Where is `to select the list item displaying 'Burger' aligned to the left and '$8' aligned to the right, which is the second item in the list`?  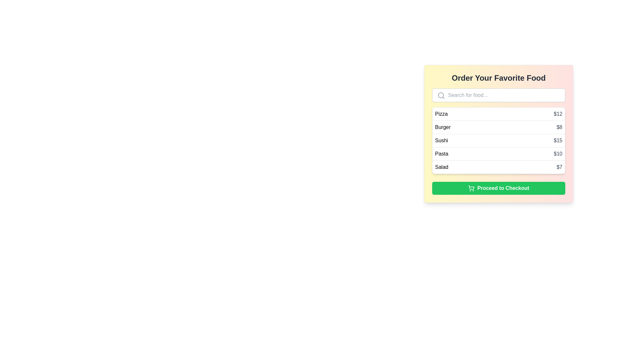
to select the list item displaying 'Burger' aligned to the left and '$8' aligned to the right, which is the second item in the list is located at coordinates (498, 127).